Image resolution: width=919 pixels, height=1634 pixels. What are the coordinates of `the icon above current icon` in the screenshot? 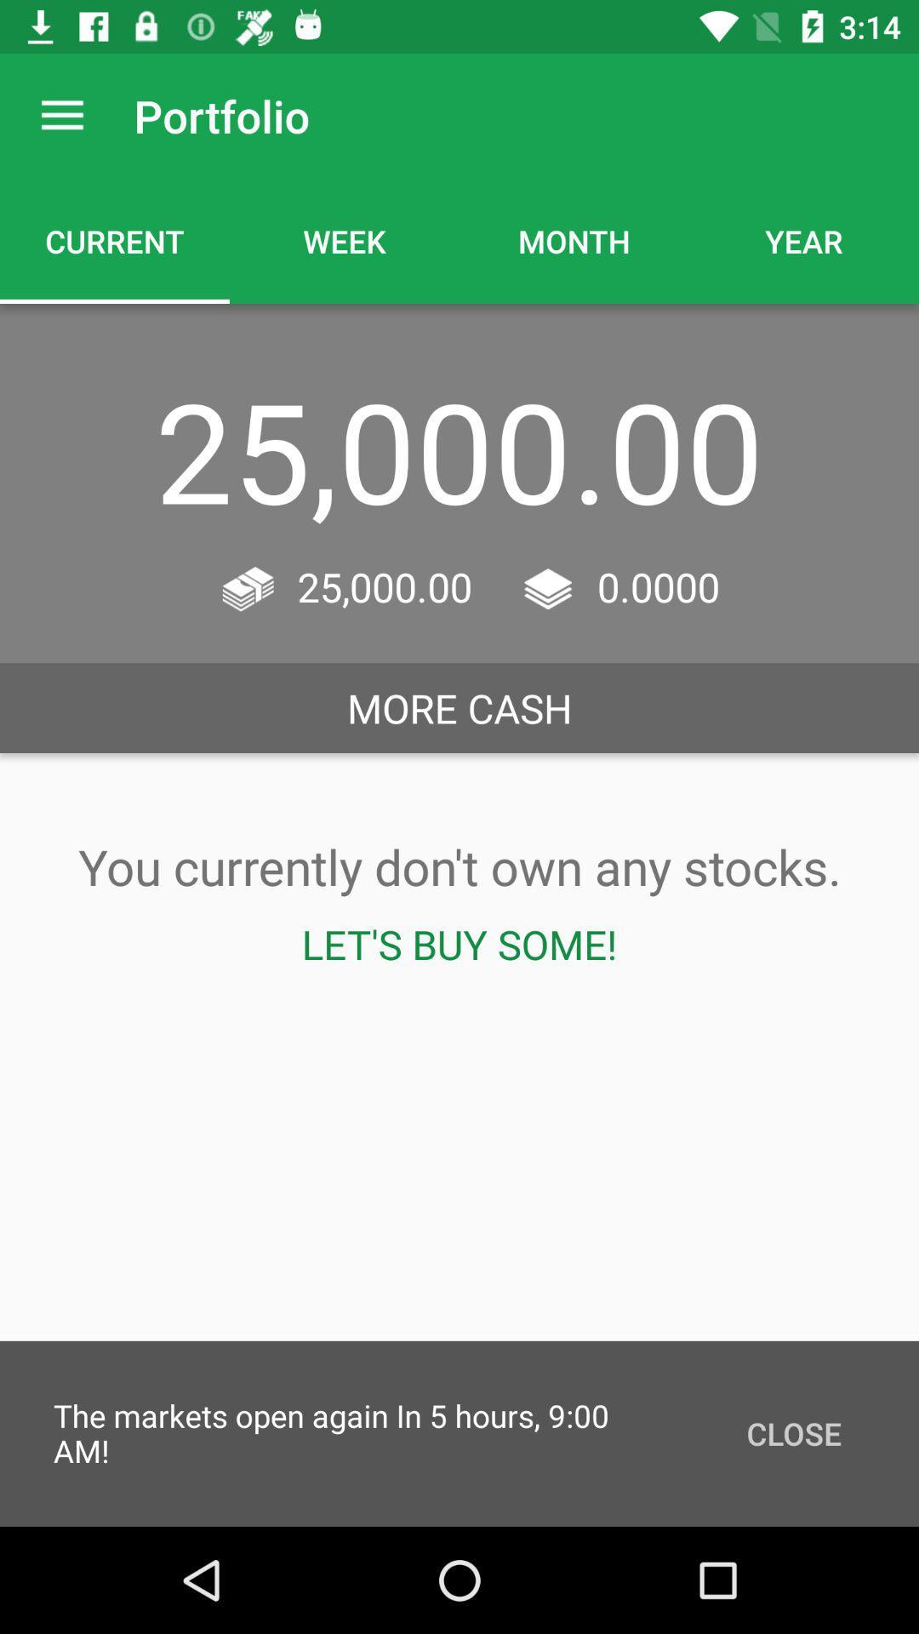 It's located at (61, 115).